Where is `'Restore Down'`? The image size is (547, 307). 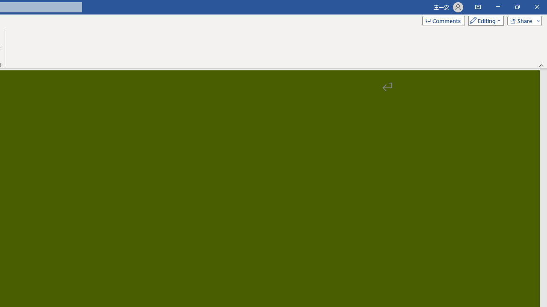
'Restore Down' is located at coordinates (517, 7).